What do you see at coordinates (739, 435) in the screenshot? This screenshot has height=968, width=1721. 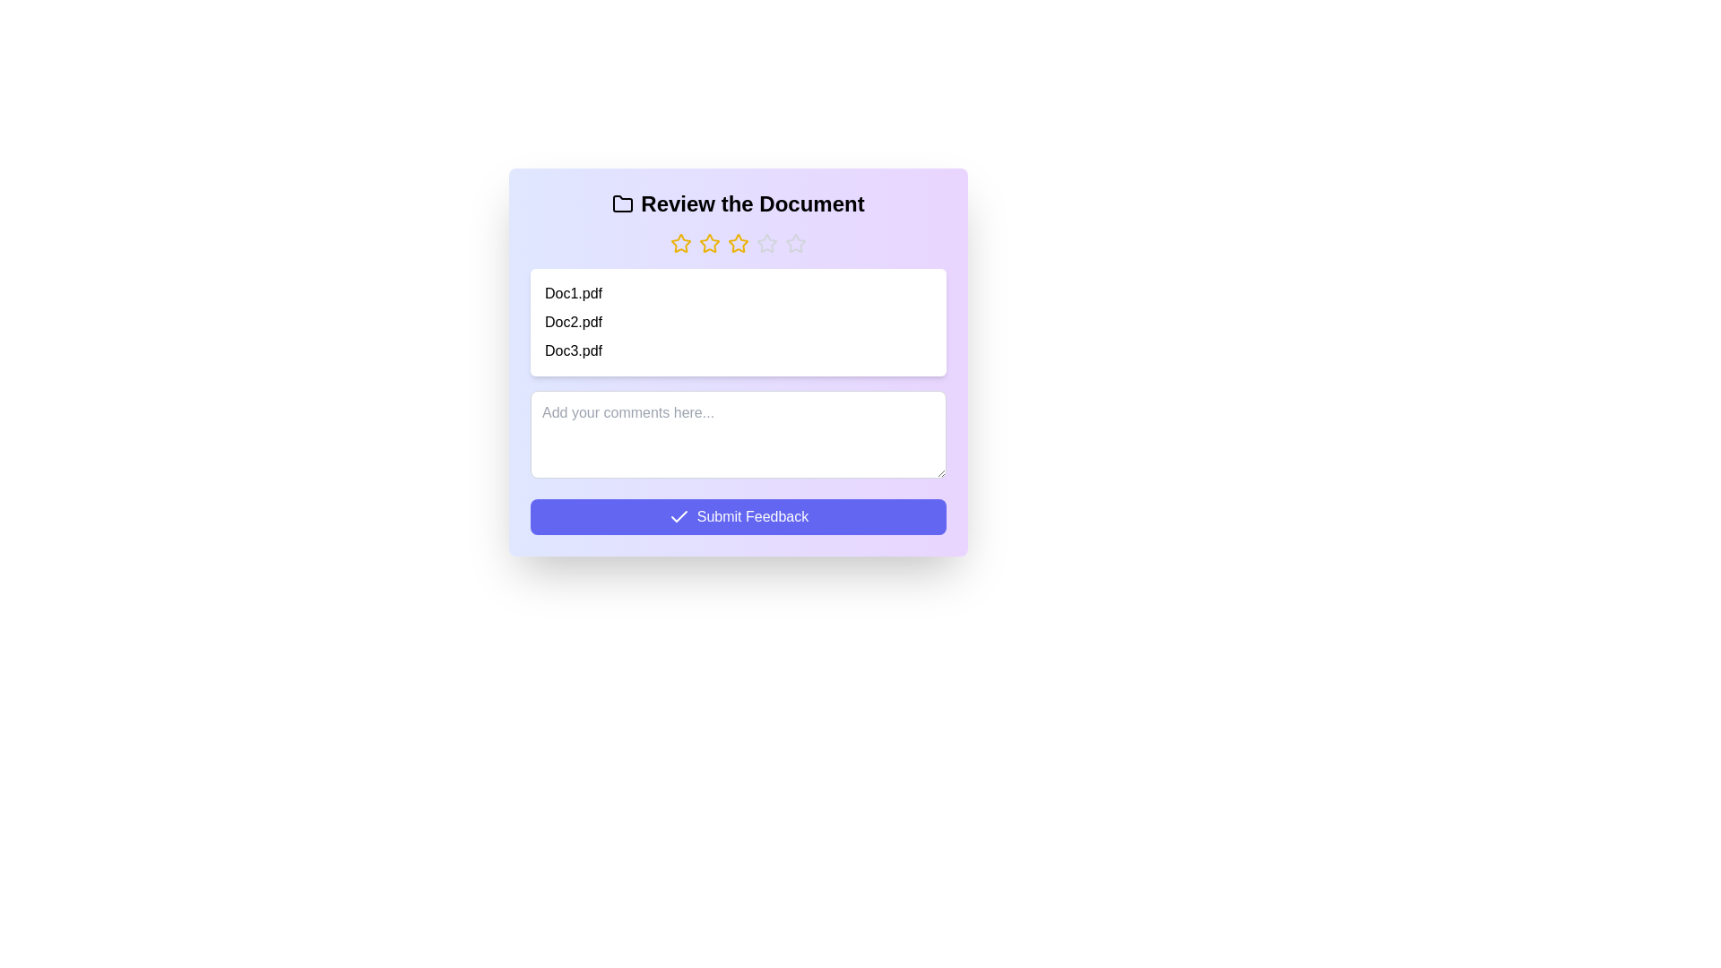 I see `the comments text area to focus on it` at bounding box center [739, 435].